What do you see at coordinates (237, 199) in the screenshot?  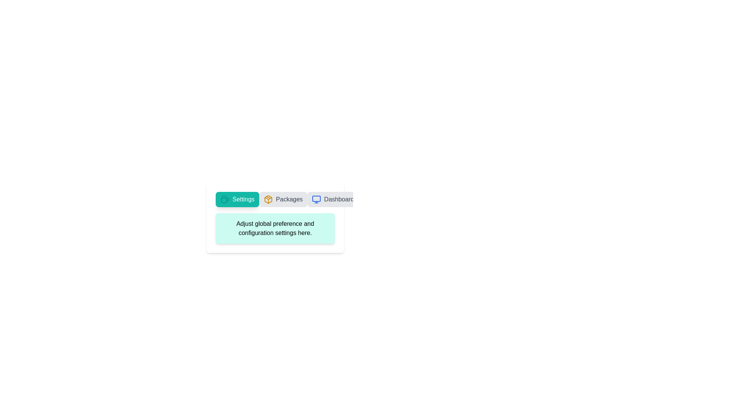 I see `the tab labeled Settings` at bounding box center [237, 199].